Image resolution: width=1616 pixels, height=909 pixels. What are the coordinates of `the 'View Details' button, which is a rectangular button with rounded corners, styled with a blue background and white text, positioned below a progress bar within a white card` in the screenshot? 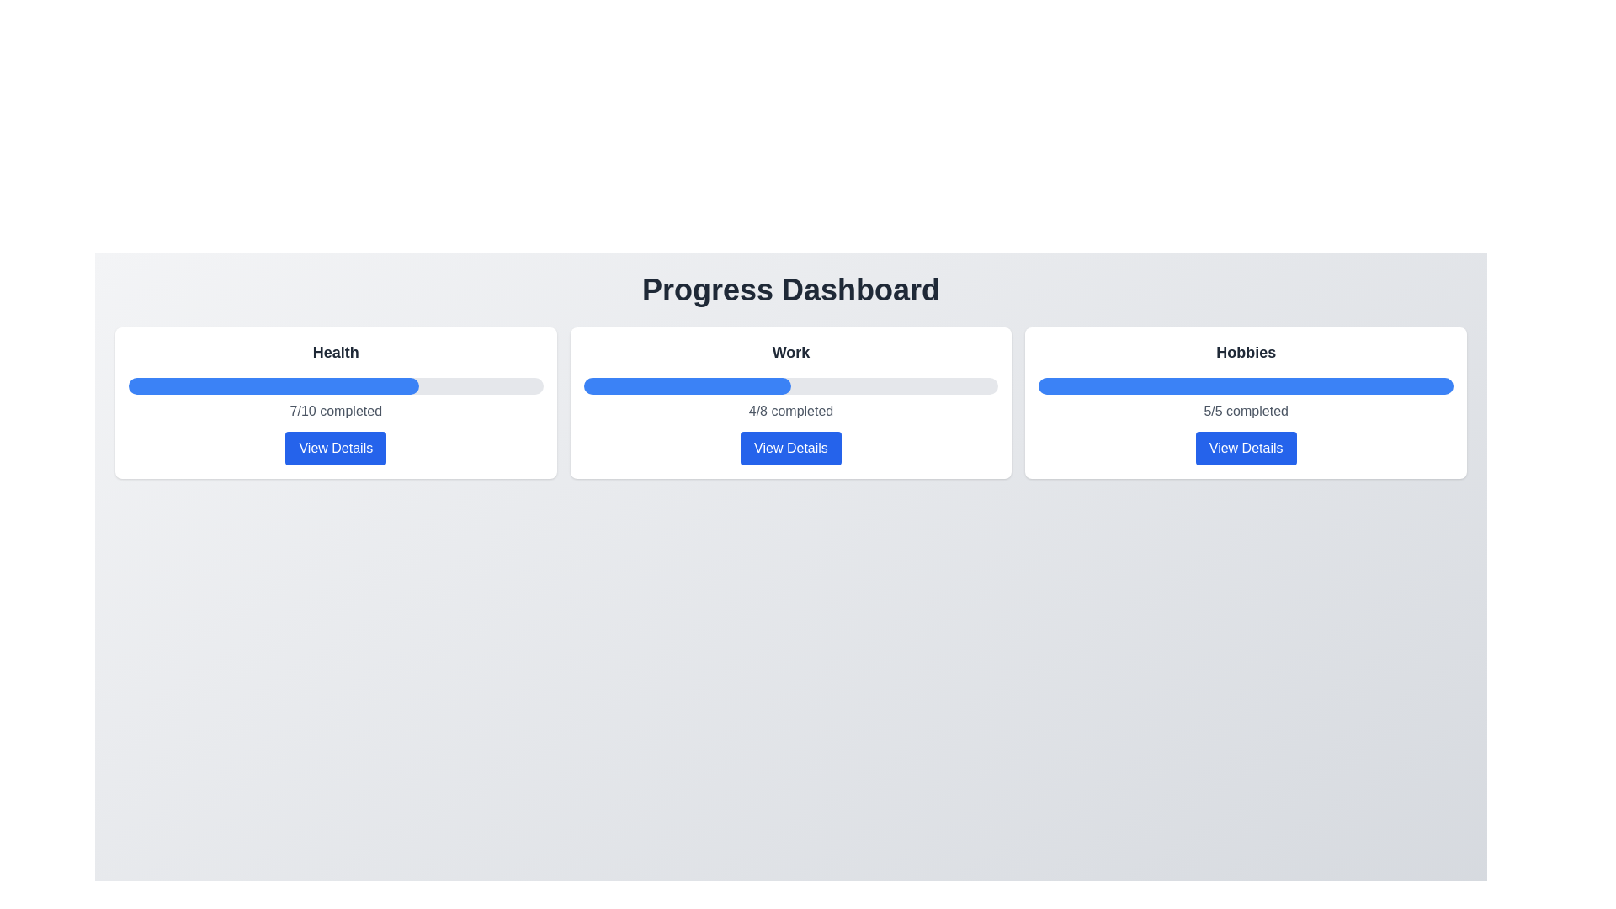 It's located at (336, 447).